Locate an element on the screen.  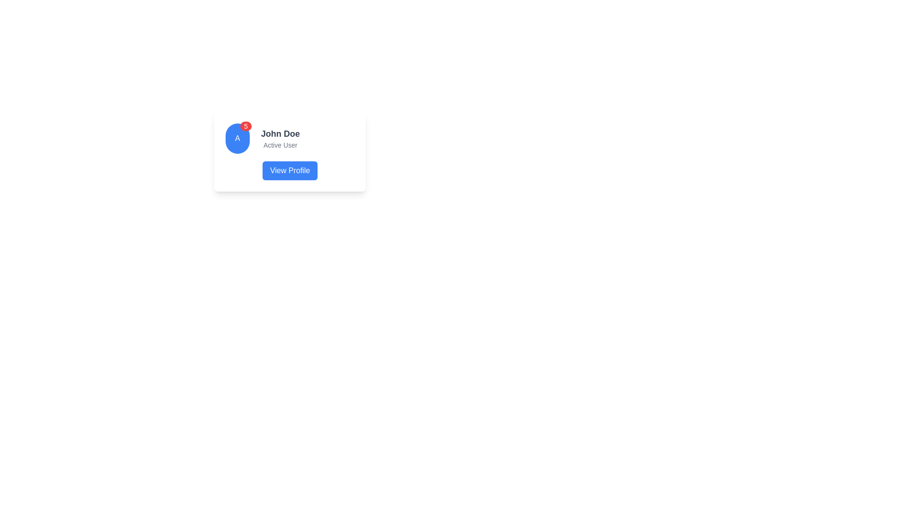
displayed text 'John Doe' and 'Active User' from the text label in the user card interface, which is positioned centrally to the right of the avatar and above the 'View Profile' button is located at coordinates (280, 139).